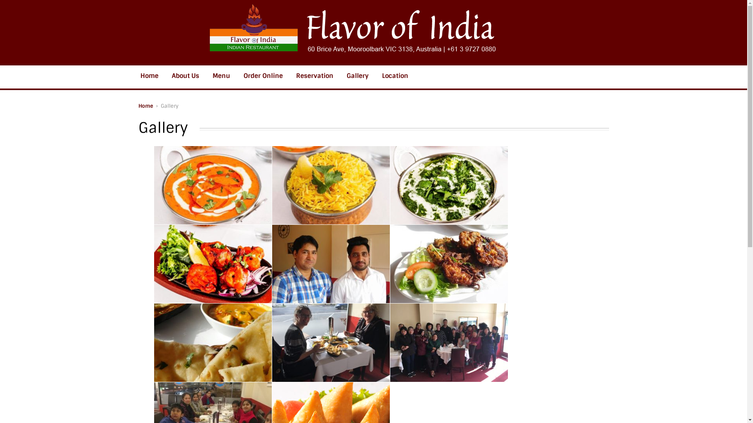 Image resolution: width=753 pixels, height=423 pixels. What do you see at coordinates (331, 342) in the screenshot?
I see `'gal4'` at bounding box center [331, 342].